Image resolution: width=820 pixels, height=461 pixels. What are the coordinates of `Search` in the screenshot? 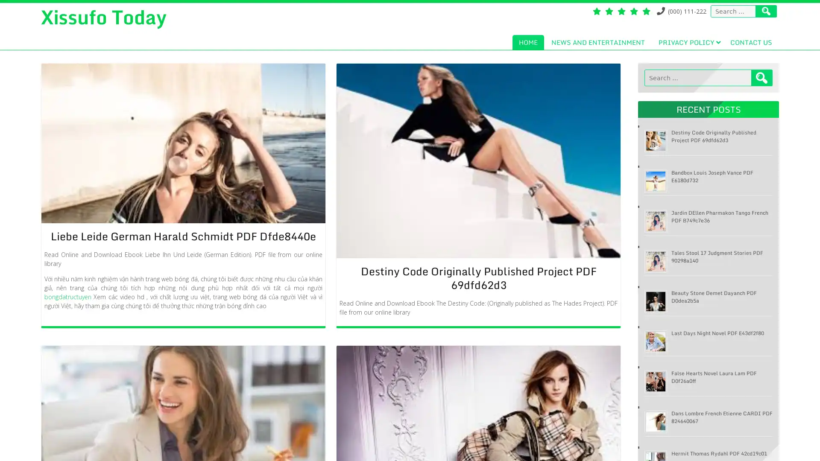 It's located at (762, 78).